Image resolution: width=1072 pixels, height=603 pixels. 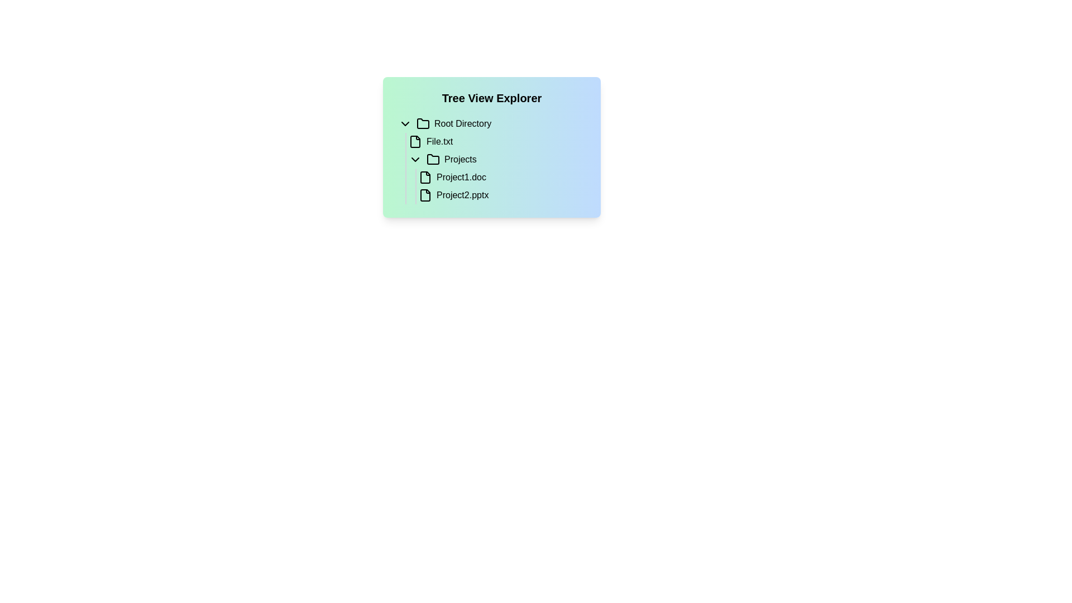 What do you see at coordinates (462, 195) in the screenshot?
I see `the text label 'Project2.pptx' in the tree view` at bounding box center [462, 195].